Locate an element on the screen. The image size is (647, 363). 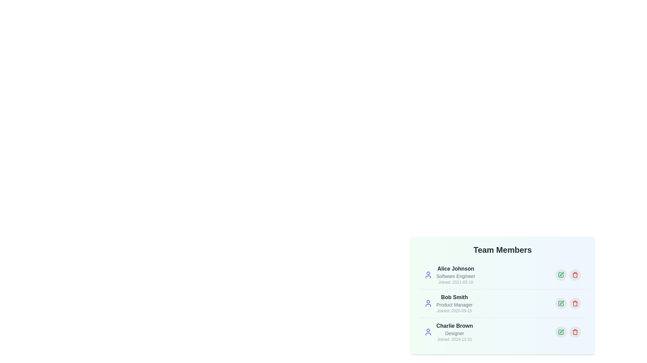
delete button for the user profile Alice Johnson is located at coordinates (575, 275).